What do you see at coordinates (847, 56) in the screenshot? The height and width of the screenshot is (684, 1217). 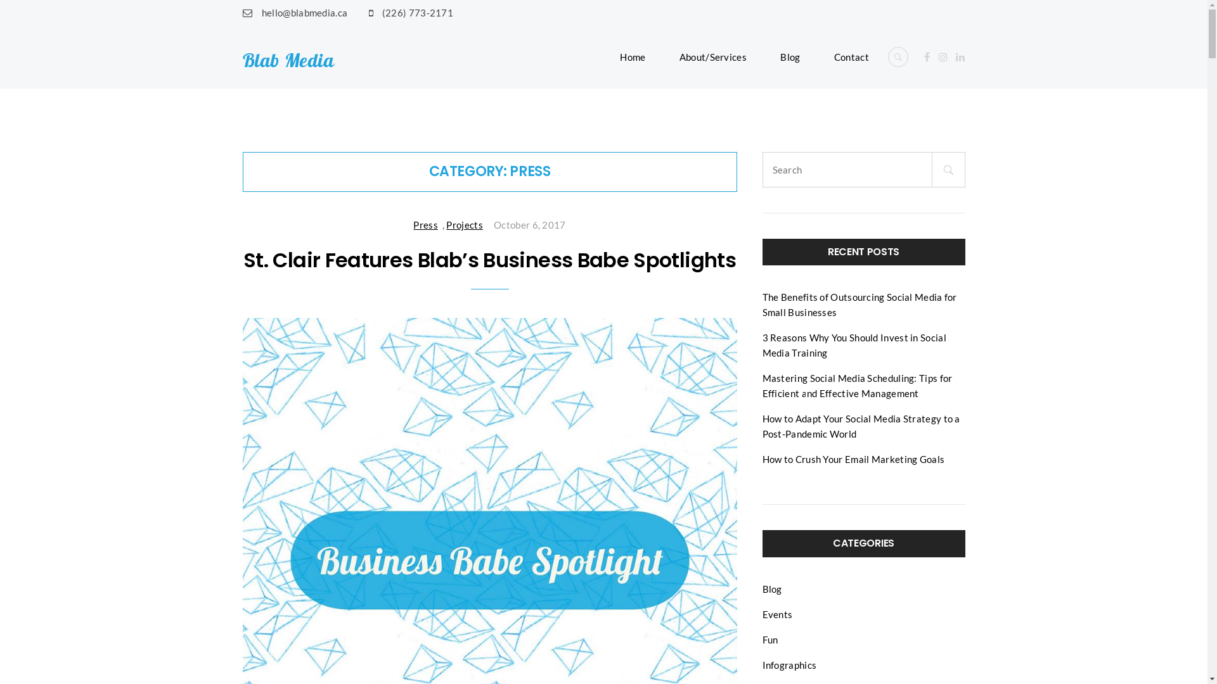 I see `'Contact'` at bounding box center [847, 56].